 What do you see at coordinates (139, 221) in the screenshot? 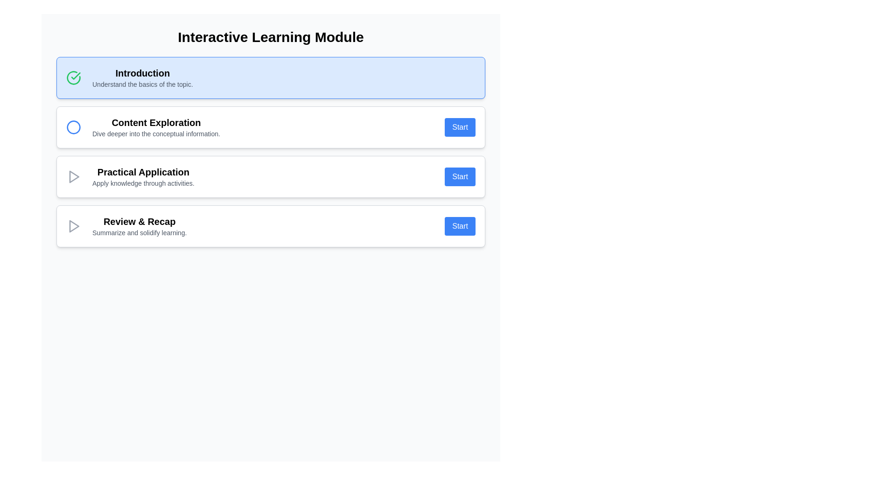
I see `the static text element that serves as the title for the 'Review & Recap' learning module, indicating its purpose to inform users about the module's content` at bounding box center [139, 221].